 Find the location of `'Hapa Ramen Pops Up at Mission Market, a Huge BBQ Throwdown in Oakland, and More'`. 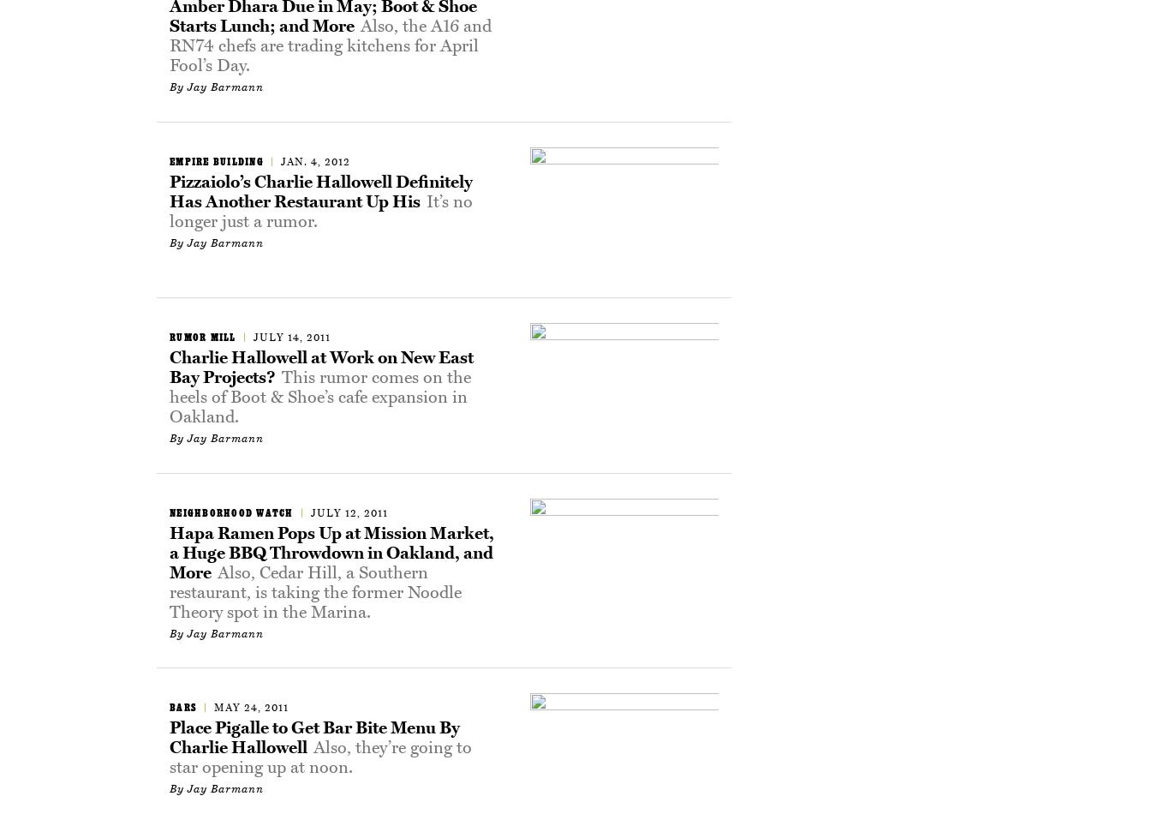

'Hapa Ramen Pops Up at Mission Market, a Huge BBQ Throwdown in Oakland, and More' is located at coordinates (331, 552).